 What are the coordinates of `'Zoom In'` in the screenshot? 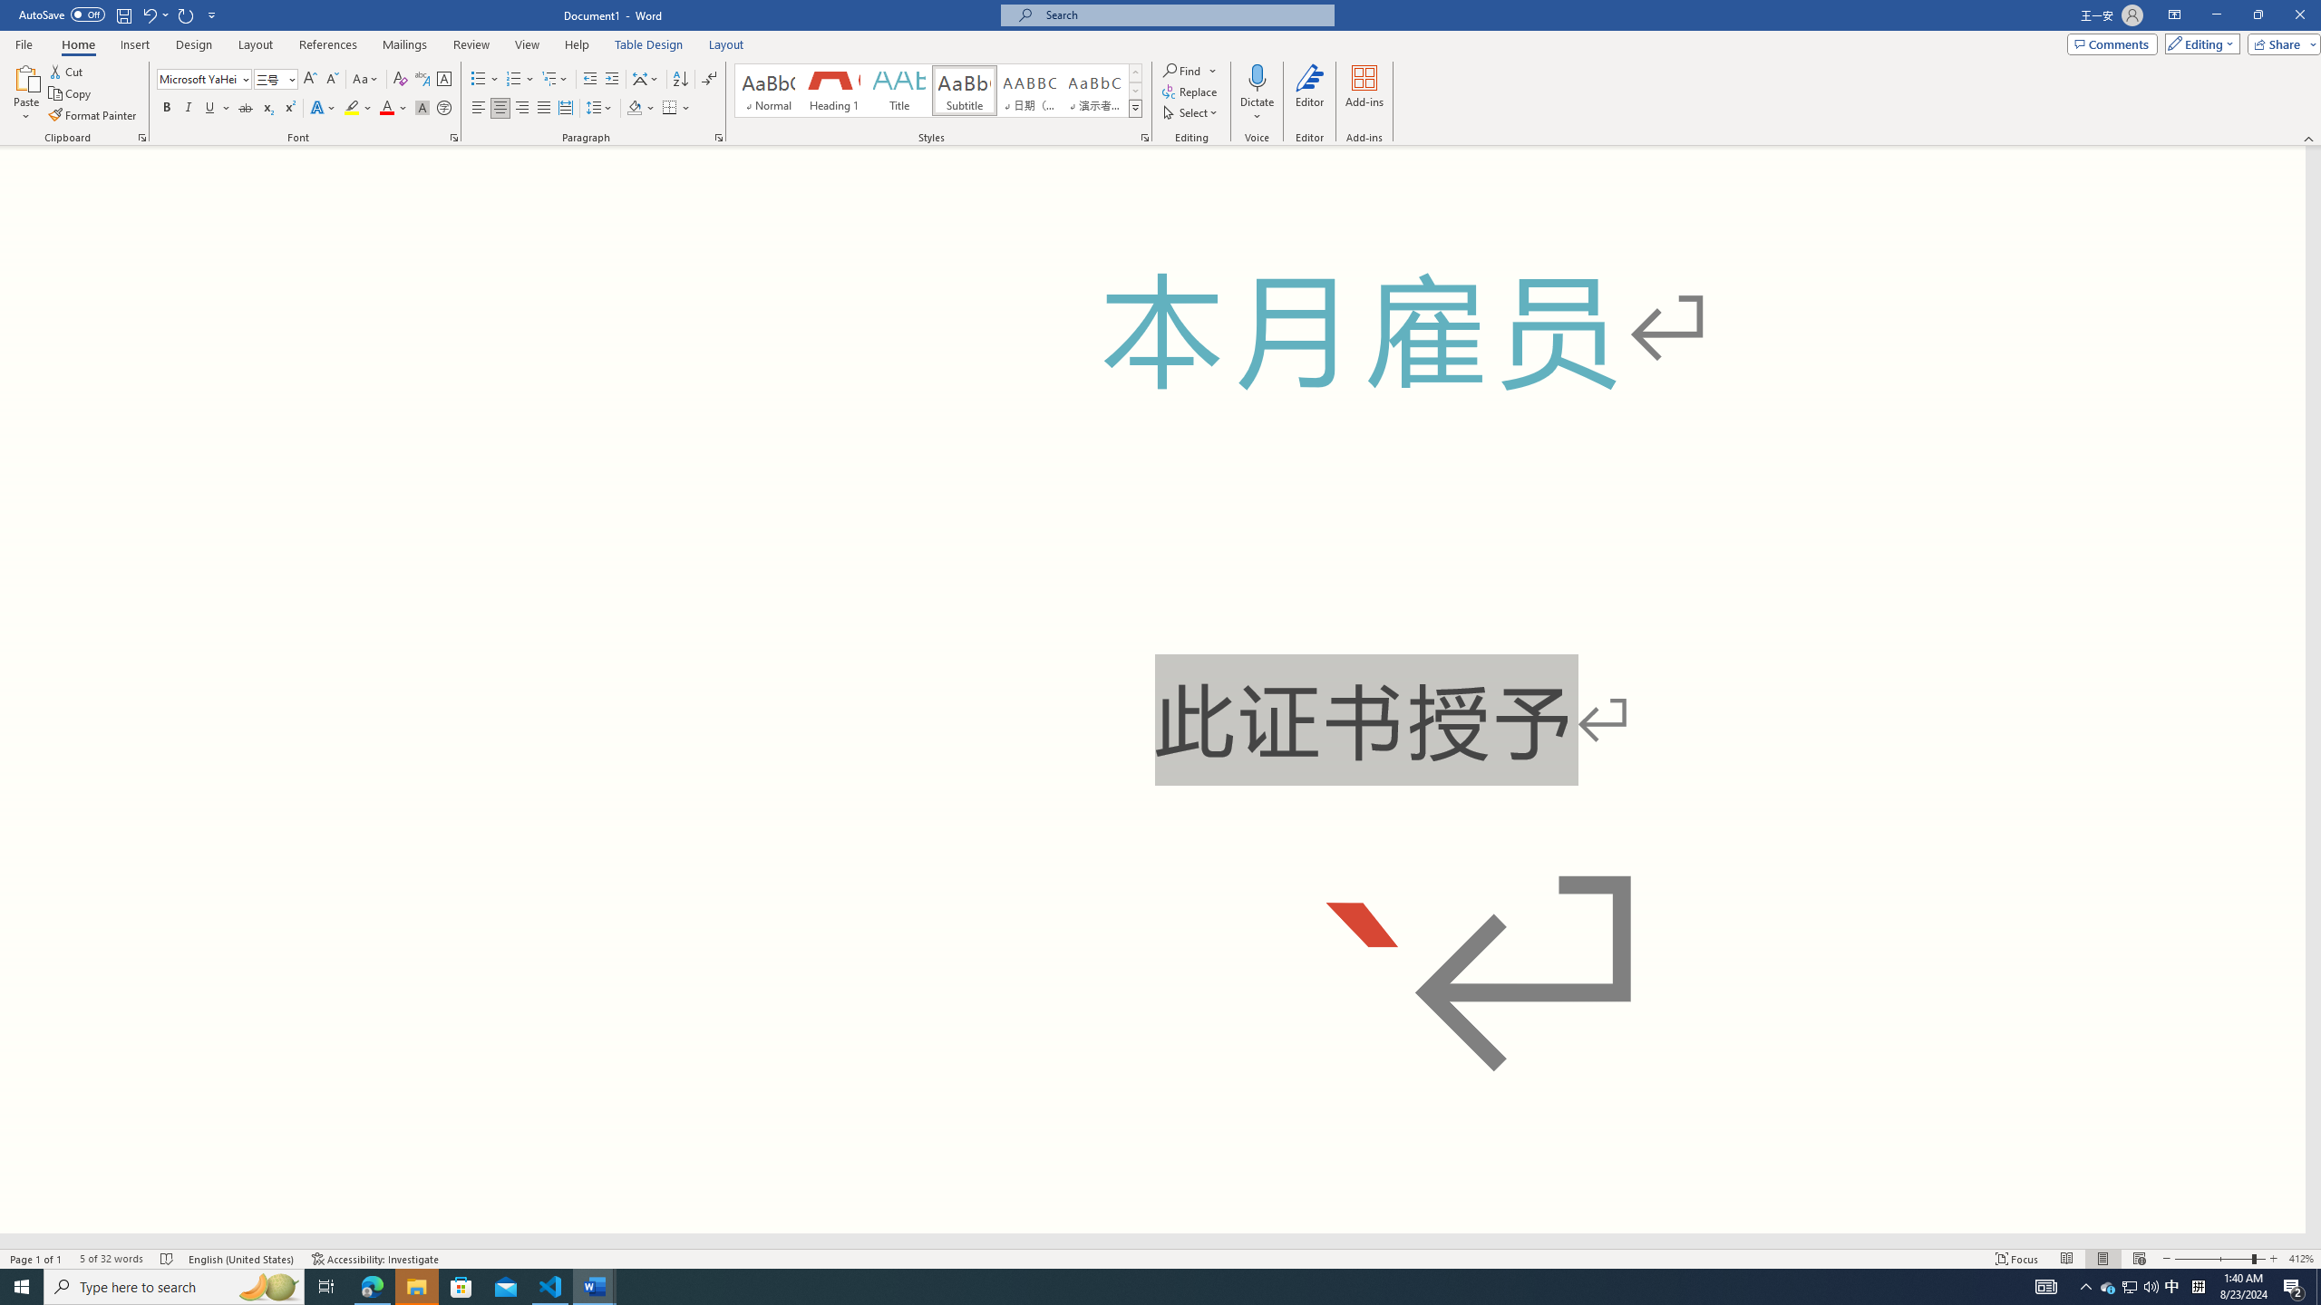 It's located at (2273, 1259).